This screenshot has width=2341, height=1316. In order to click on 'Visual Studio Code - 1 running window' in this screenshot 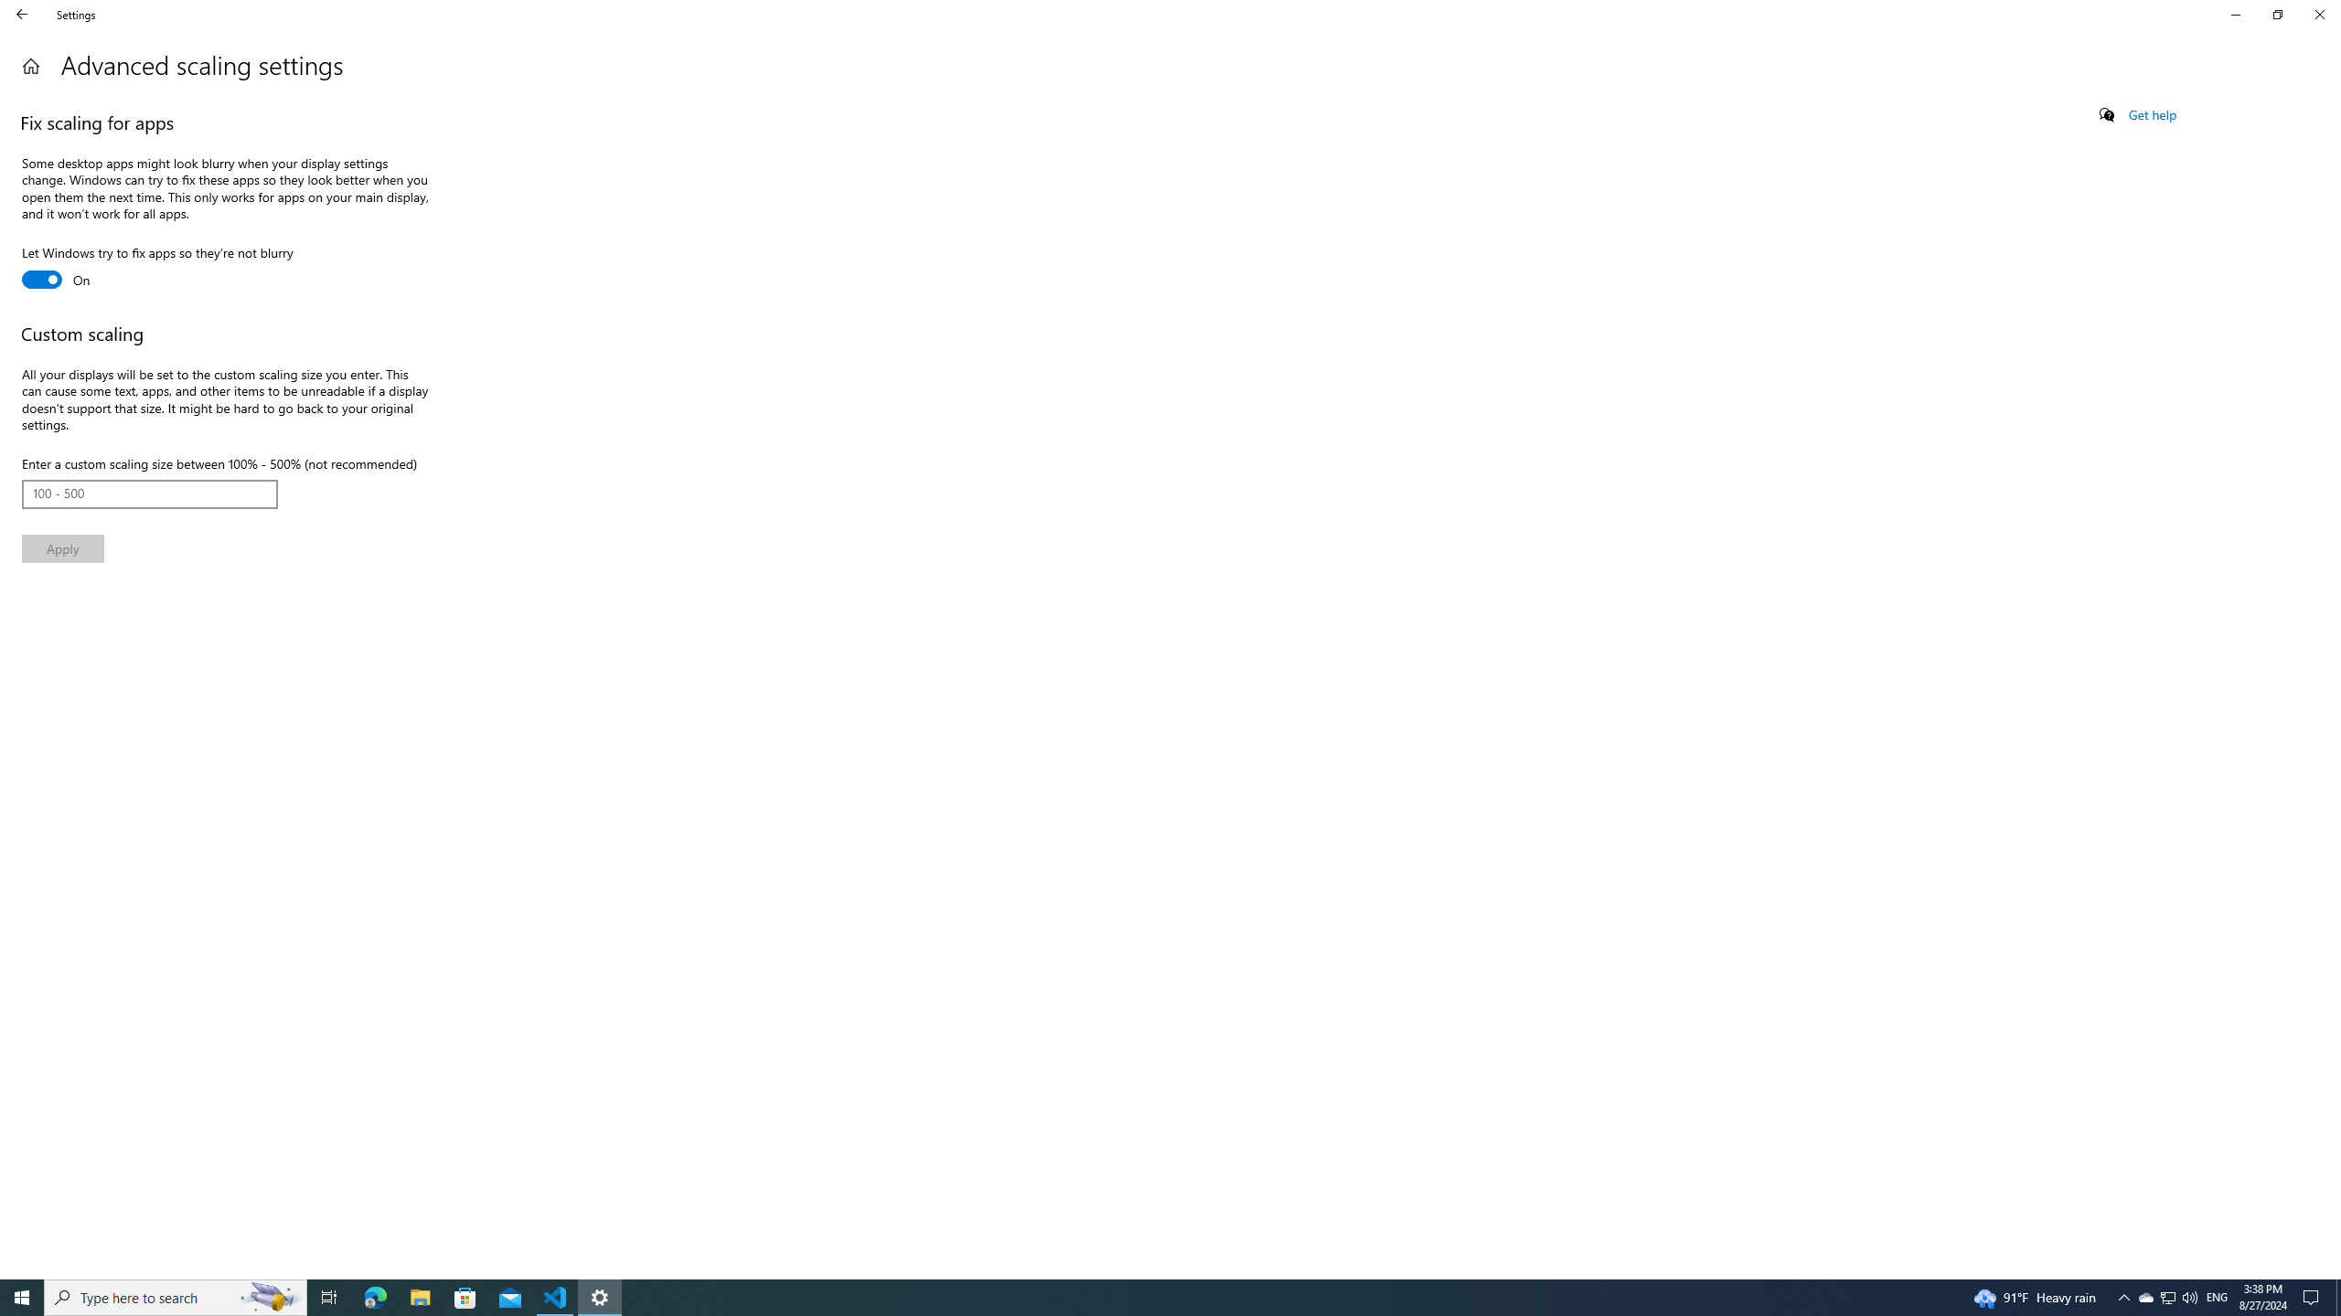, I will do `click(555, 1296)`.